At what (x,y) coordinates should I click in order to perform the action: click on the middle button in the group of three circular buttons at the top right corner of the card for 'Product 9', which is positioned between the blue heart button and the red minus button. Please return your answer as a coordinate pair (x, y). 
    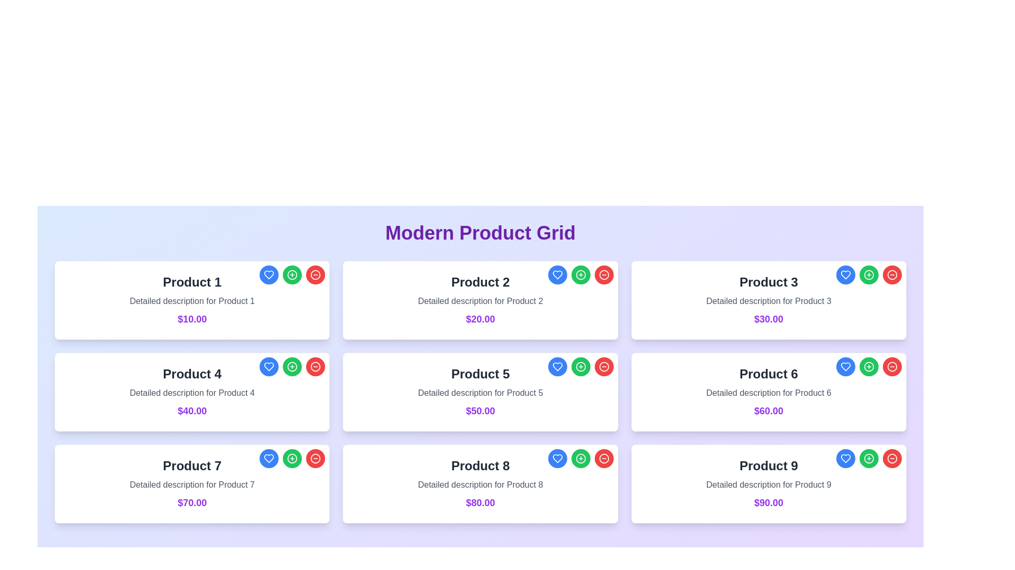
    Looking at the image, I should click on (869, 458).